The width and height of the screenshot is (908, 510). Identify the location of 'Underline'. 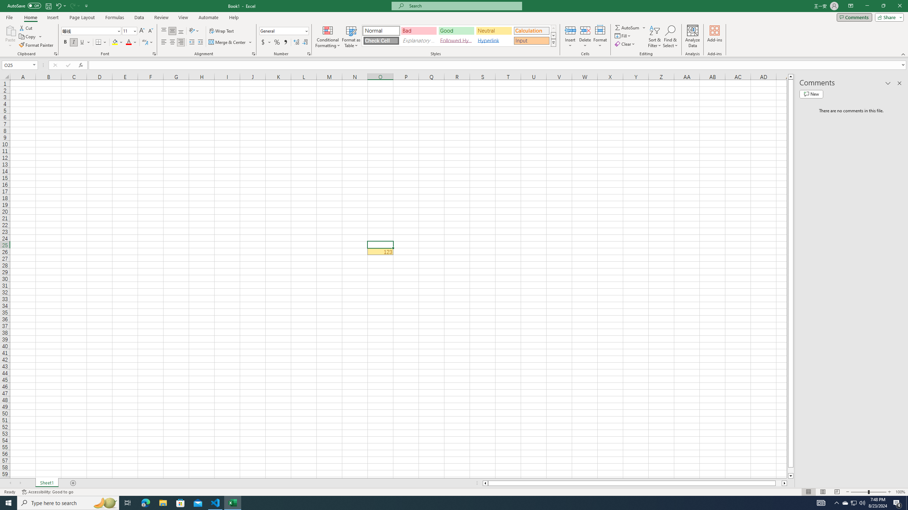
(82, 42).